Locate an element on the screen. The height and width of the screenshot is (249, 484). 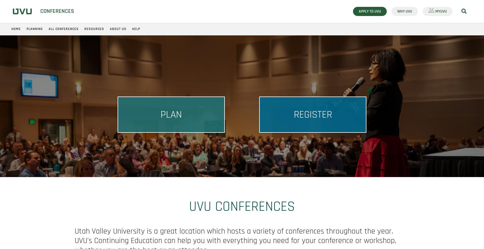
'Register' is located at coordinates (313, 115).